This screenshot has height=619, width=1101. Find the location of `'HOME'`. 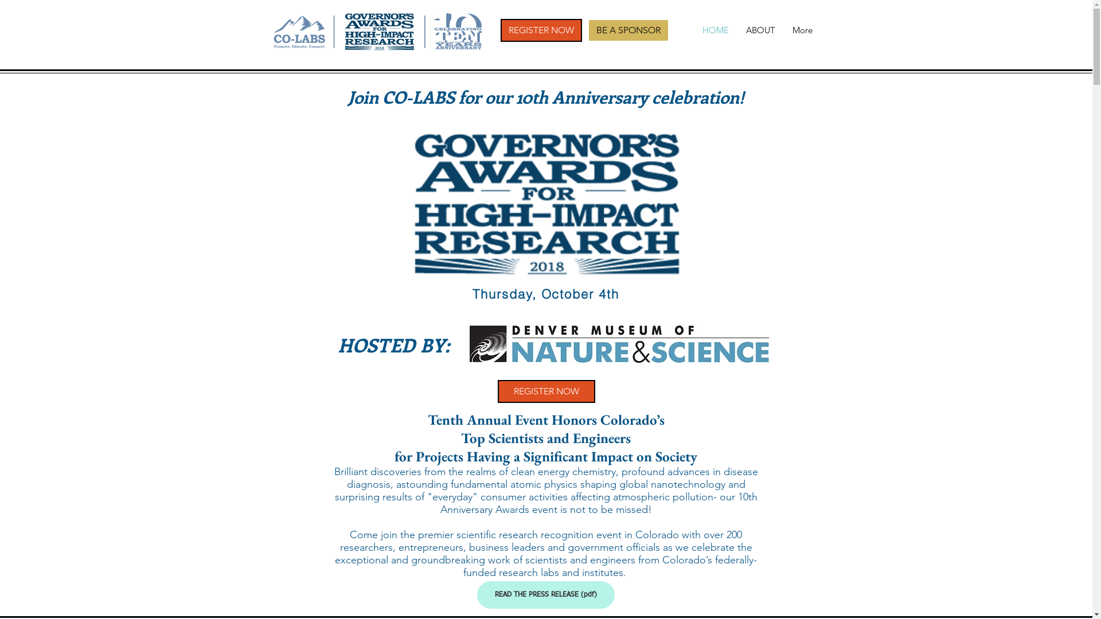

'HOME' is located at coordinates (715, 30).